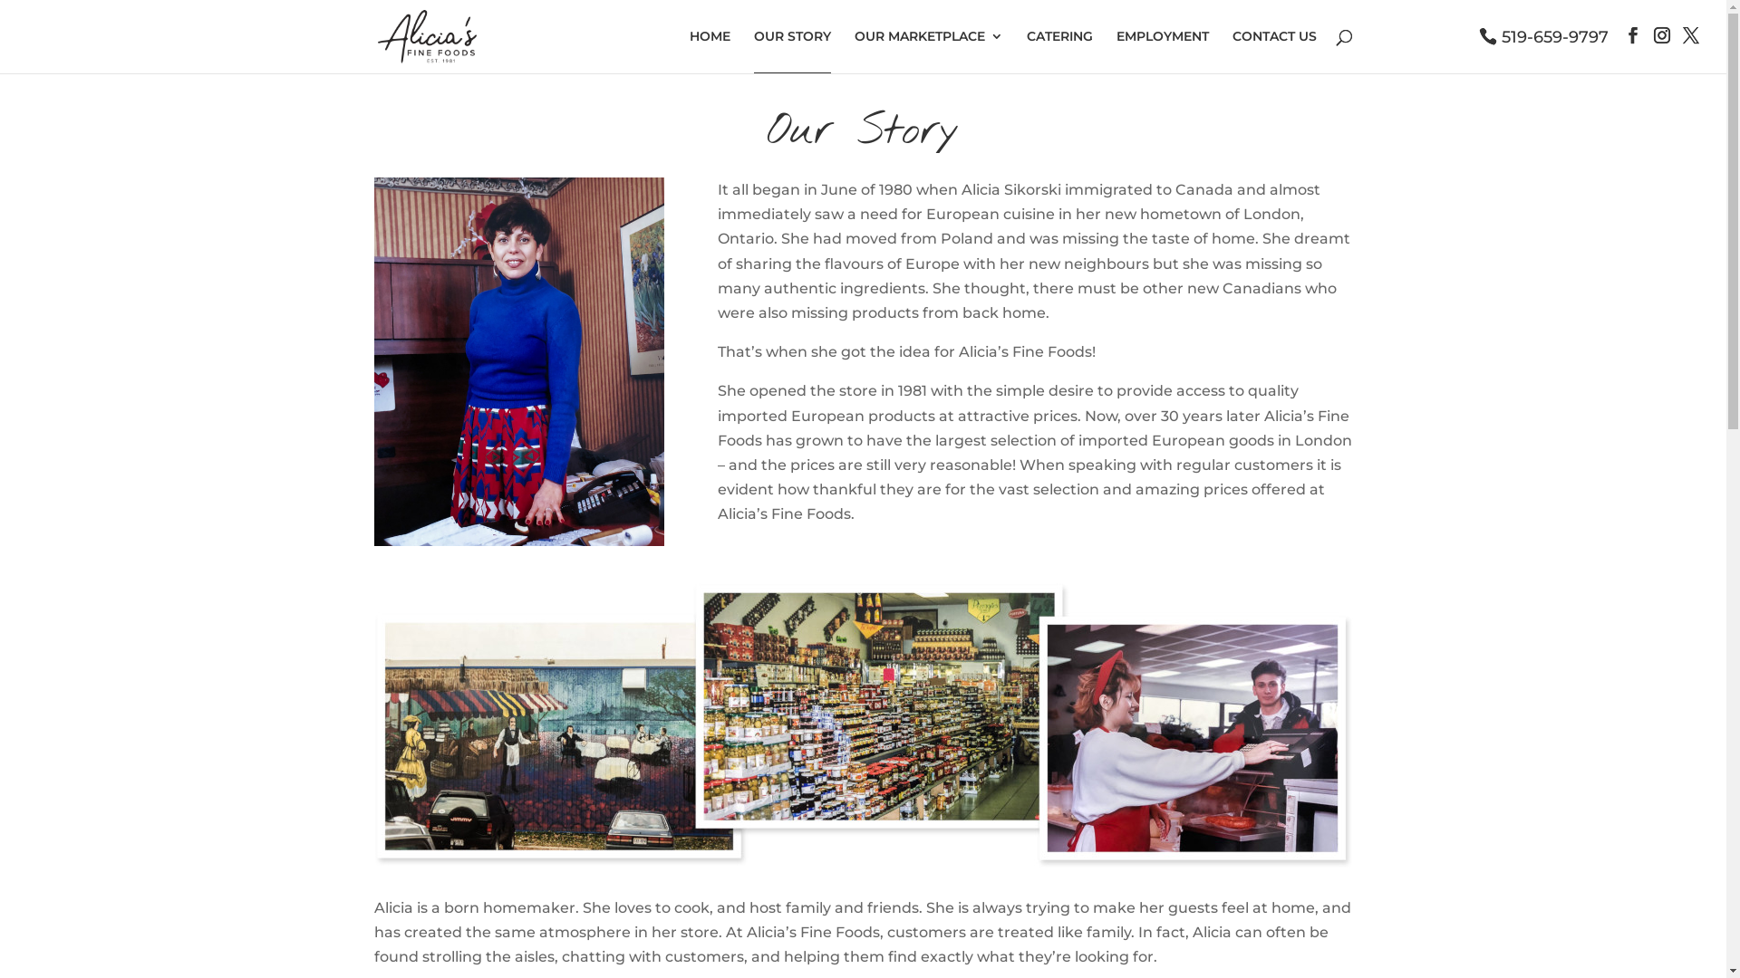 The width and height of the screenshot is (1740, 978). What do you see at coordinates (852, 50) in the screenshot?
I see `'OUR MARKETPLACE'` at bounding box center [852, 50].